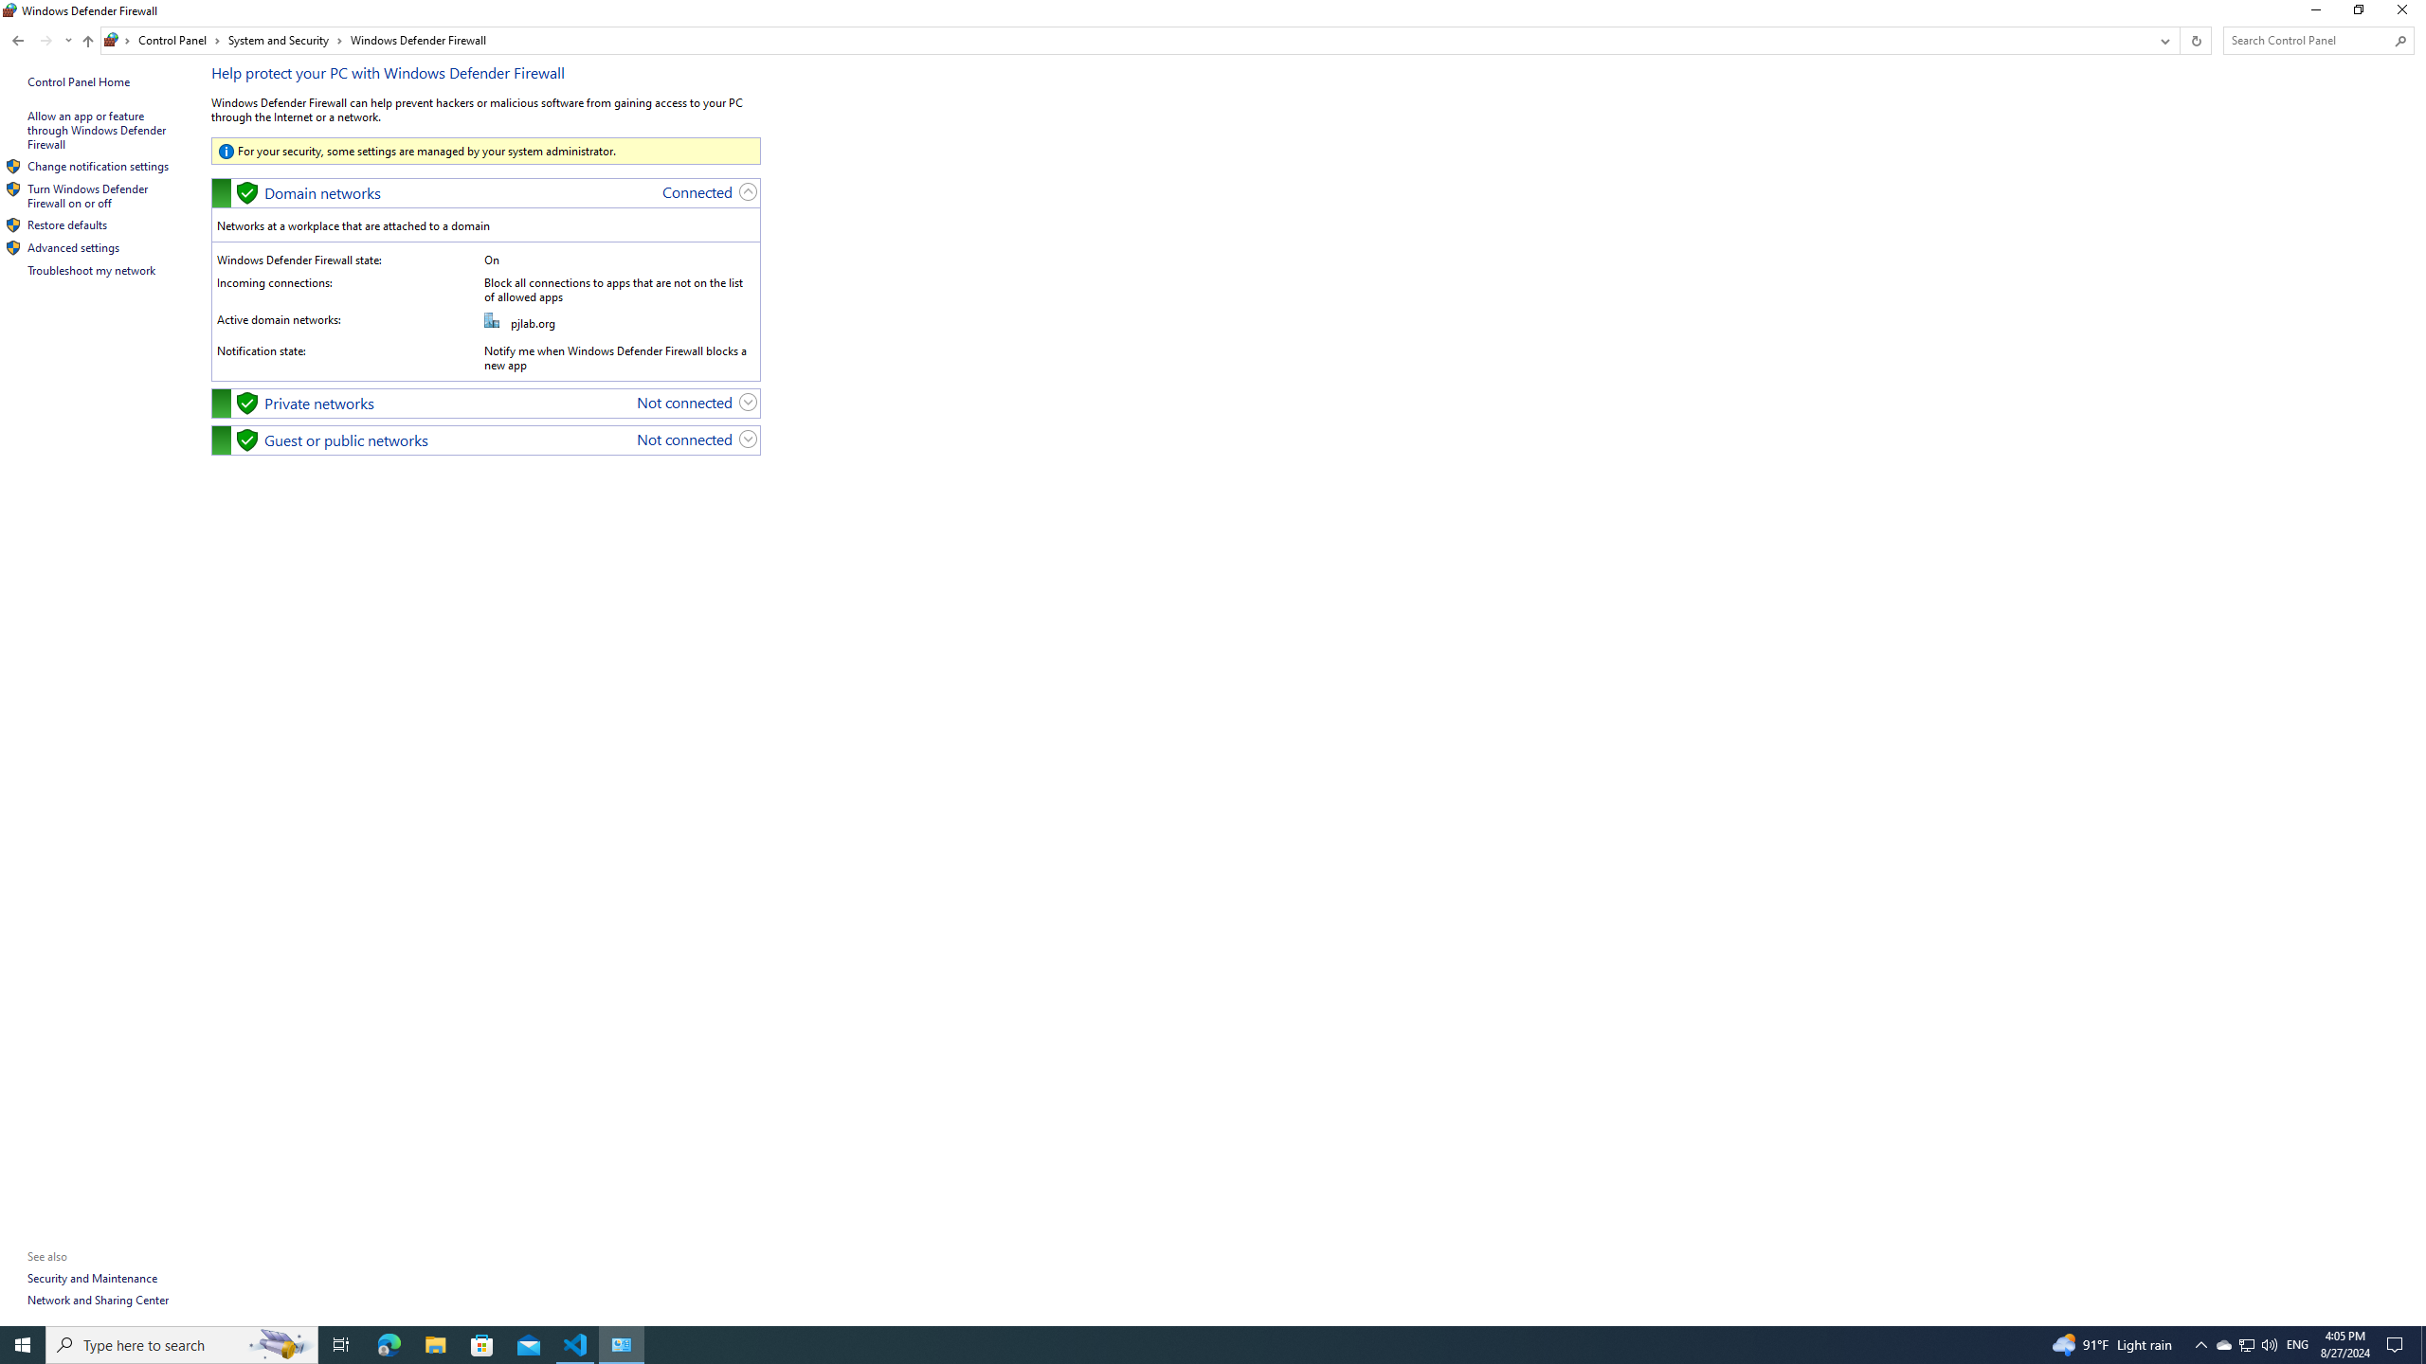 This screenshot has height=1364, width=2426. I want to click on 'Change notification settings', so click(97, 166).